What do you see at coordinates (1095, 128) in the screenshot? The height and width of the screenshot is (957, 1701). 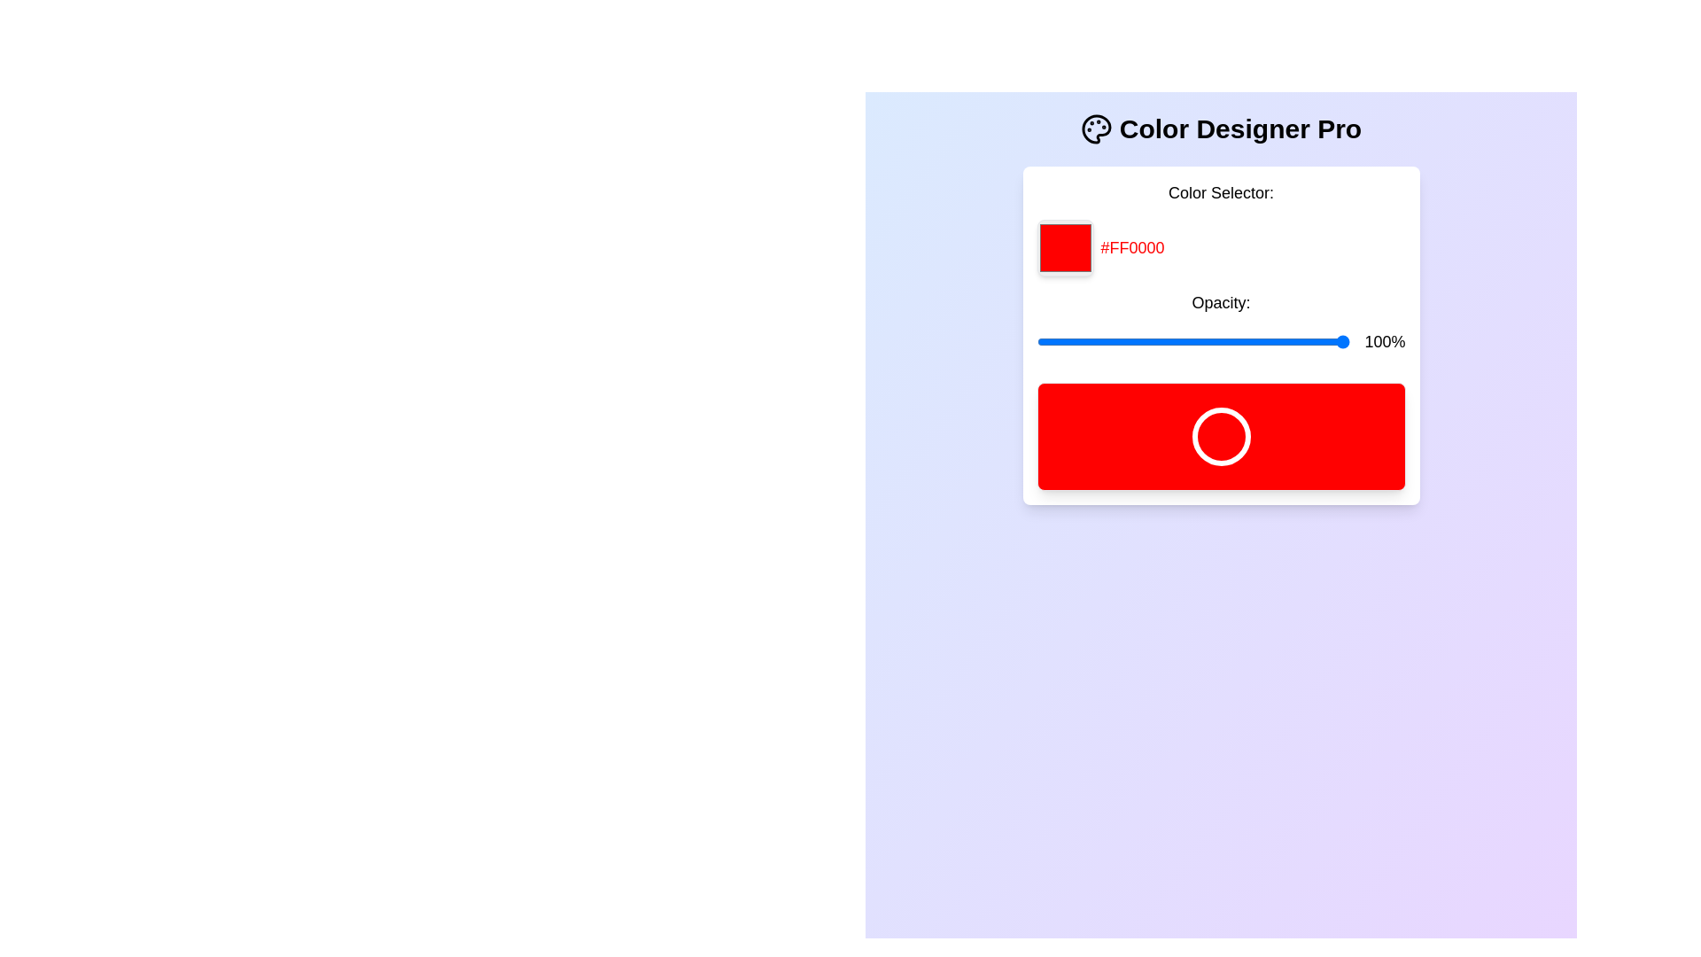 I see `the Decorative icon, which is a circular shape resembling a palette located inside the 'Color Designer Pro' logo area at the top of the interface` at bounding box center [1095, 128].